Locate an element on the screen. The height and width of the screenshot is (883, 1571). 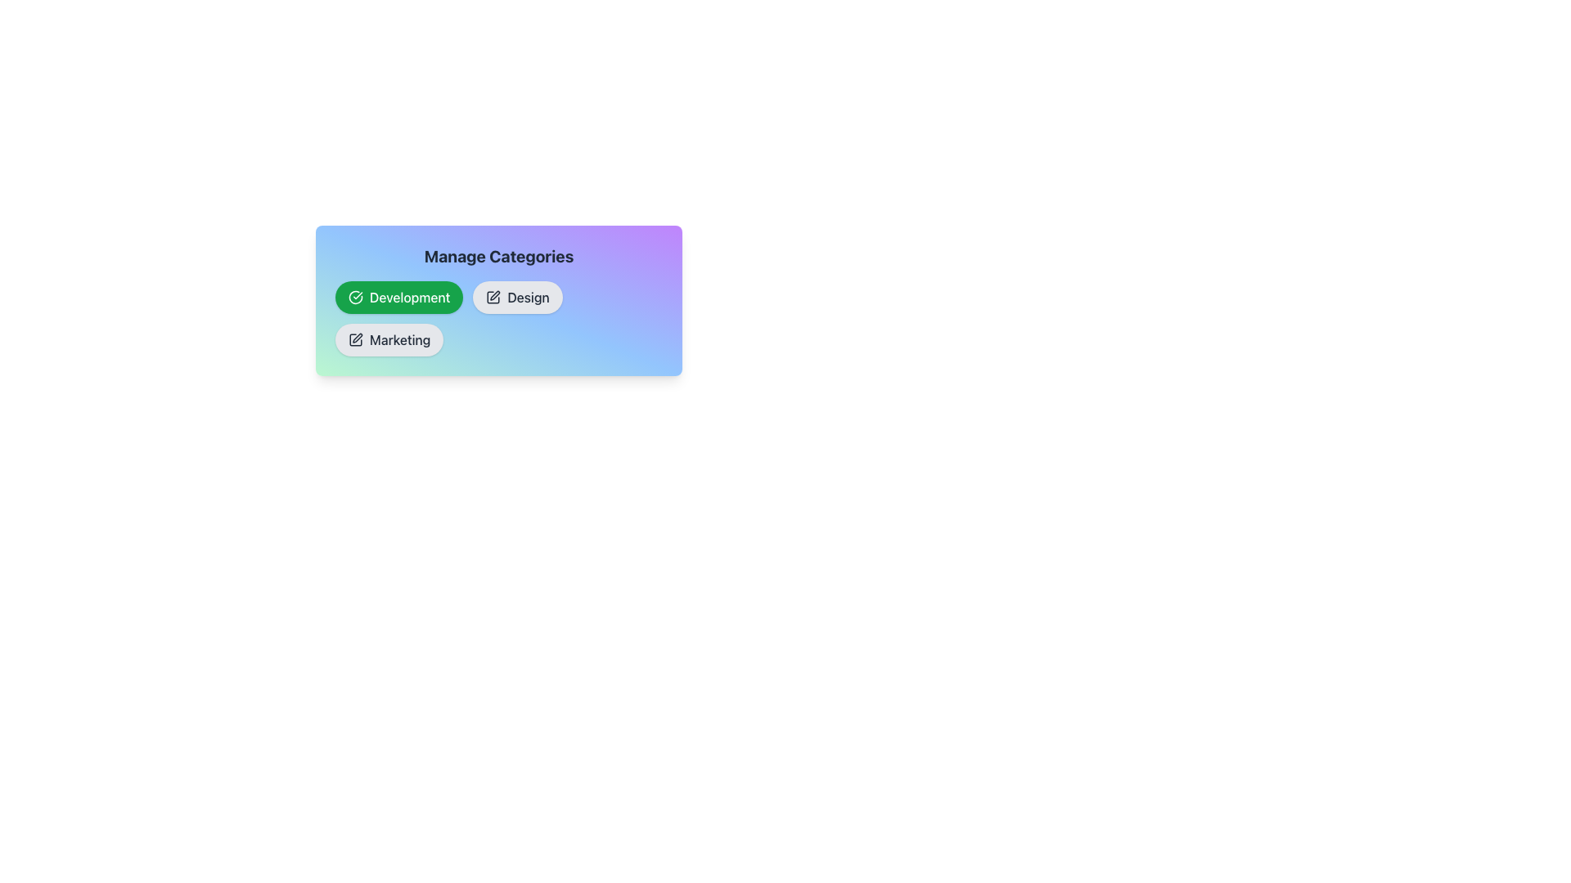
the 'Marketing' text element, which is part of the 'Manage Categories' section and located centrally at the bottom row of the category items grid is located at coordinates (400, 339).